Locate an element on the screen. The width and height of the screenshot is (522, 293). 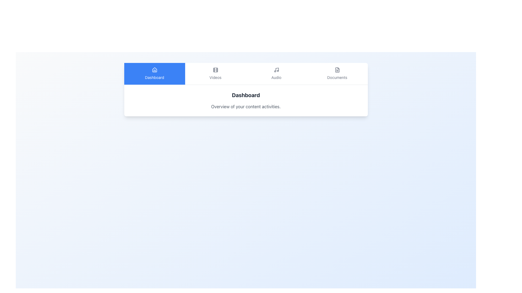
the minimalist house-shaped icon in white on a blue background located above the 'Dashboard' label in the navigation bar is located at coordinates (154, 70).